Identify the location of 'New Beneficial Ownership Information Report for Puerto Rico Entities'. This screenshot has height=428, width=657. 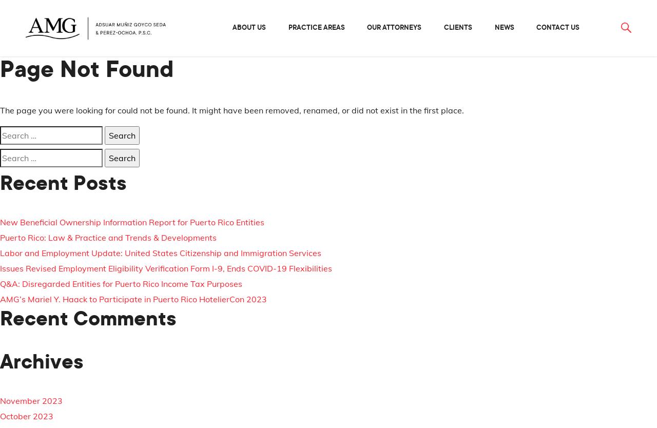
(131, 222).